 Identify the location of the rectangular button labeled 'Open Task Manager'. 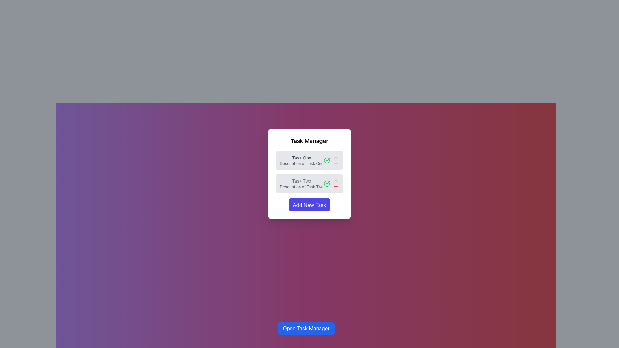
(306, 328).